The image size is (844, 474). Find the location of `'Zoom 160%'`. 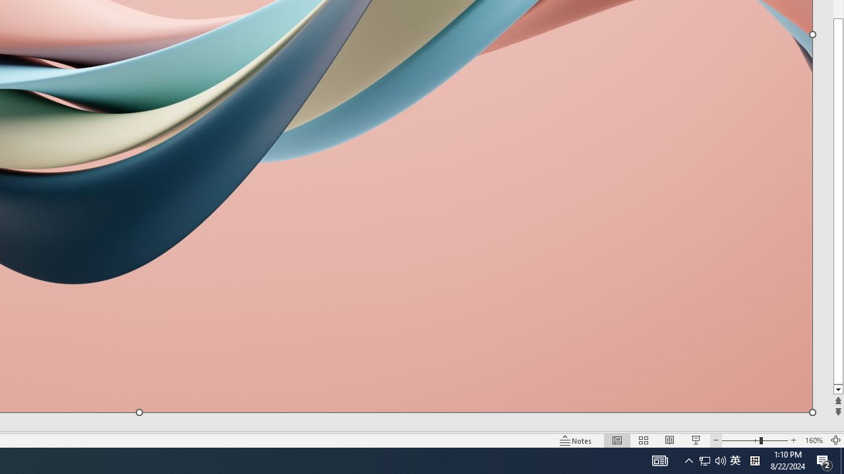

'Zoom 160%' is located at coordinates (813, 440).